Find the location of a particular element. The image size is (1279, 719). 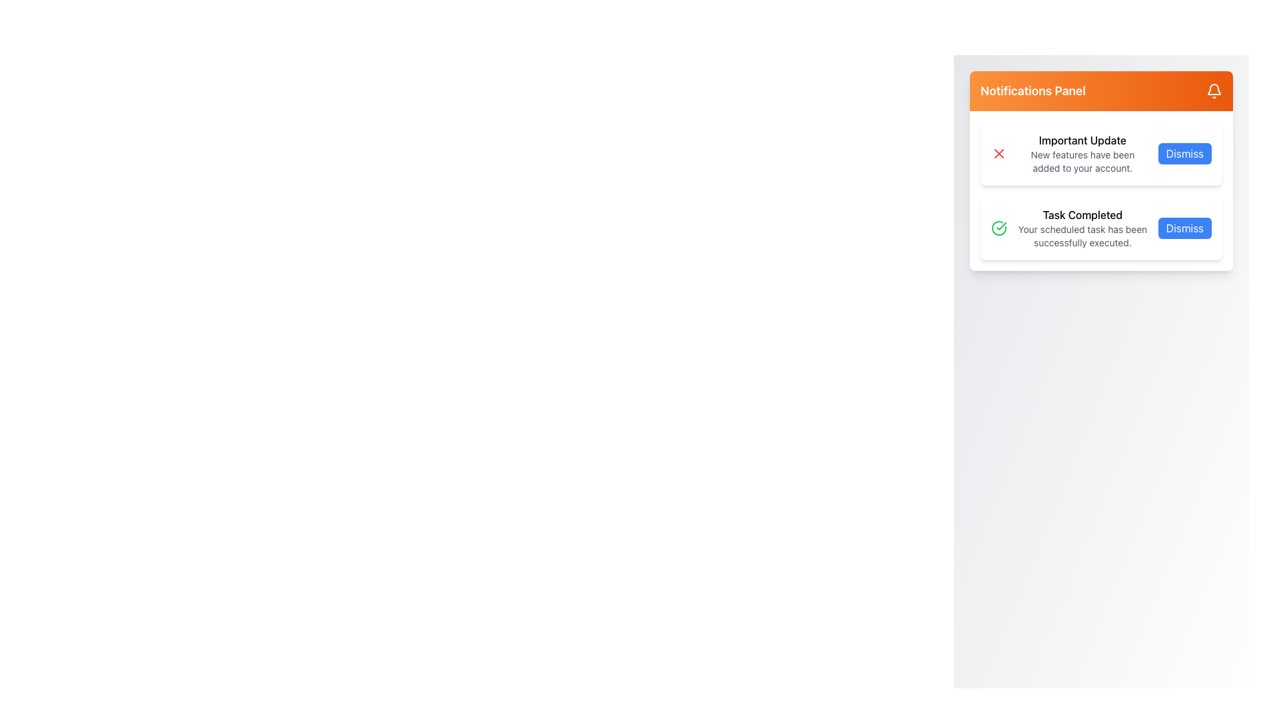

the notifications icon located at the upper-right corner of the orange header section of the Notifications Panel is located at coordinates (1214, 89).